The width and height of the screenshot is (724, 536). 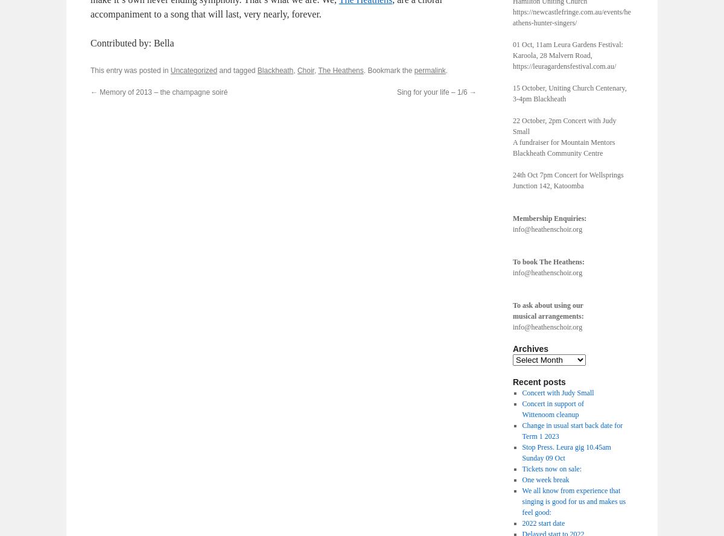 I want to click on '24th Oct 7pm Concert for Wellsprings', so click(x=568, y=174).